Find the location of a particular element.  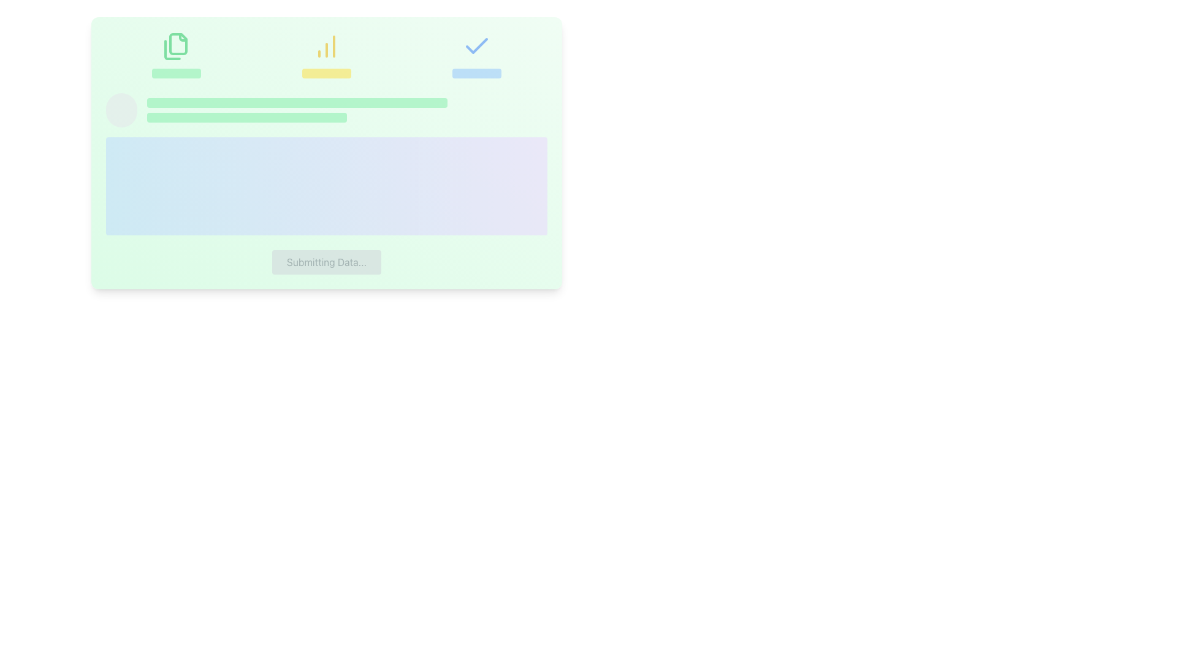

the animated effect of the loading placeholder, which consists of a green upper rectangle and a shorter lower rectangle, positioned to the right of a circular placeholder is located at coordinates (346, 110).